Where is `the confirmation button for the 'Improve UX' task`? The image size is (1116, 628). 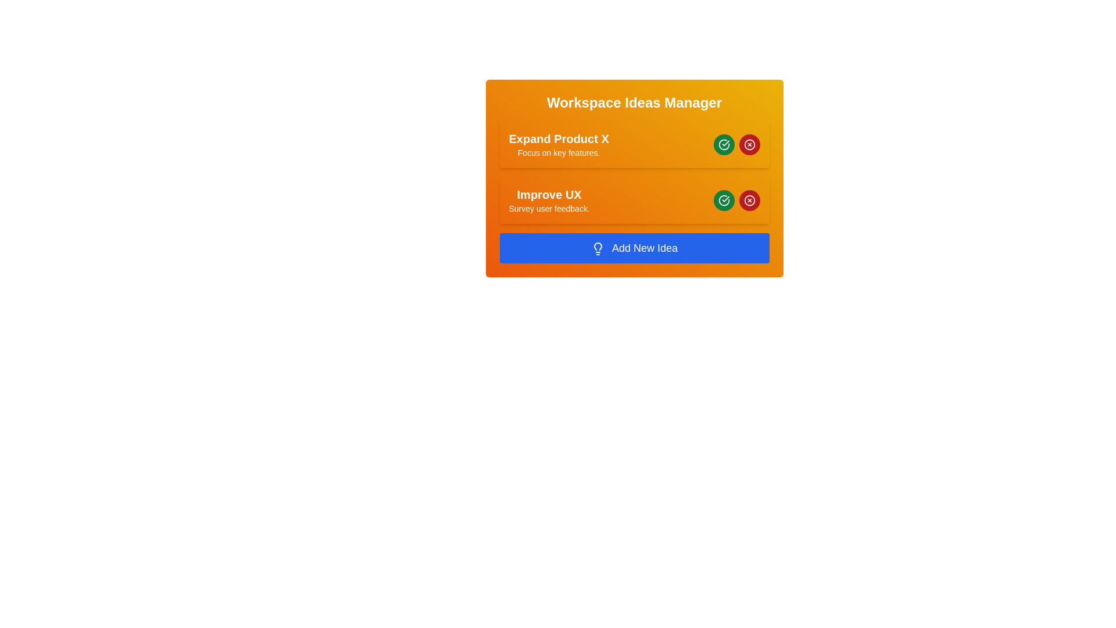 the confirmation button for the 'Improve UX' task is located at coordinates (723, 199).